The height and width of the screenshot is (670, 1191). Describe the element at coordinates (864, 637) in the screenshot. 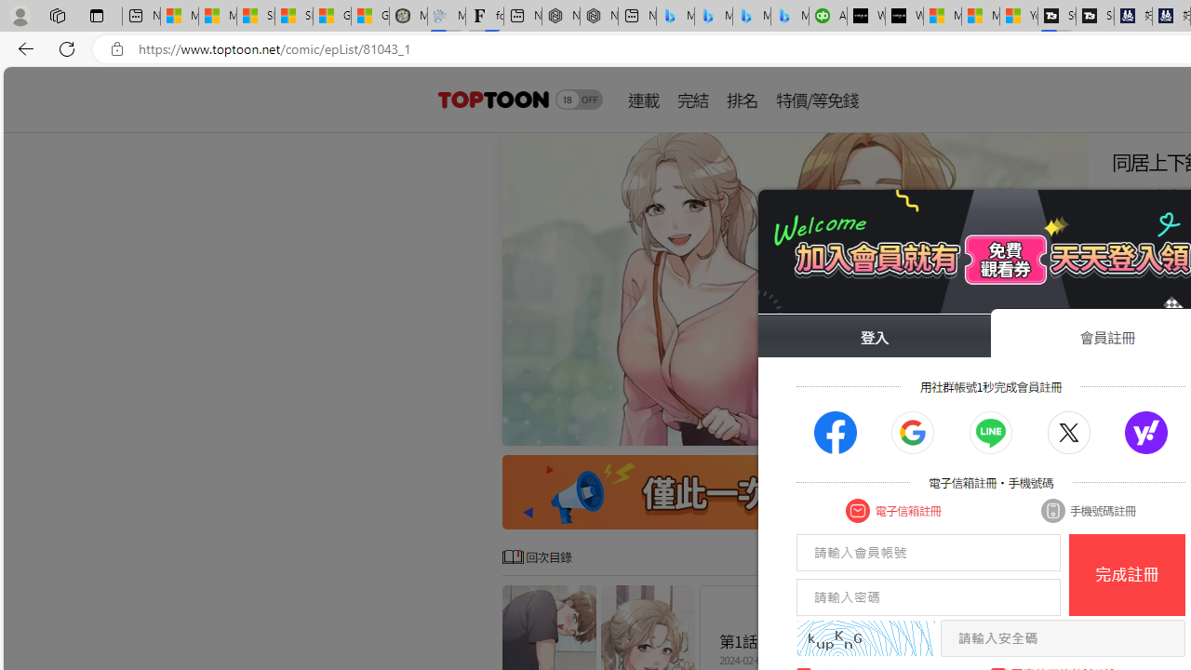

I see `'captcha'` at that location.